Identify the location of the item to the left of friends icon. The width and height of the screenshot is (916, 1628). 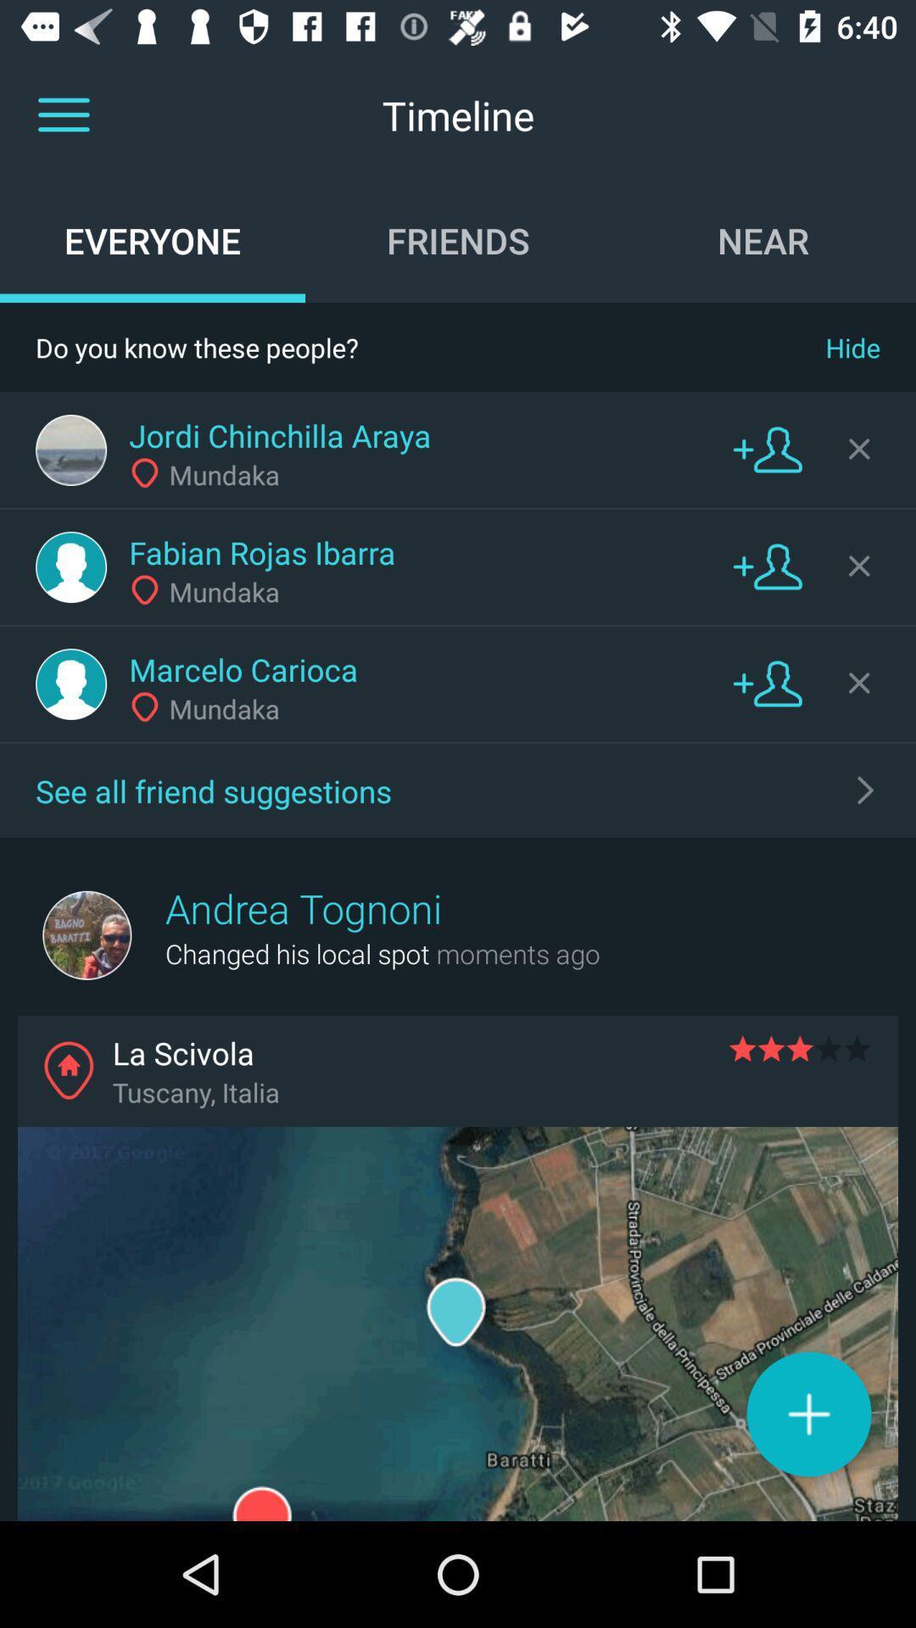
(153, 239).